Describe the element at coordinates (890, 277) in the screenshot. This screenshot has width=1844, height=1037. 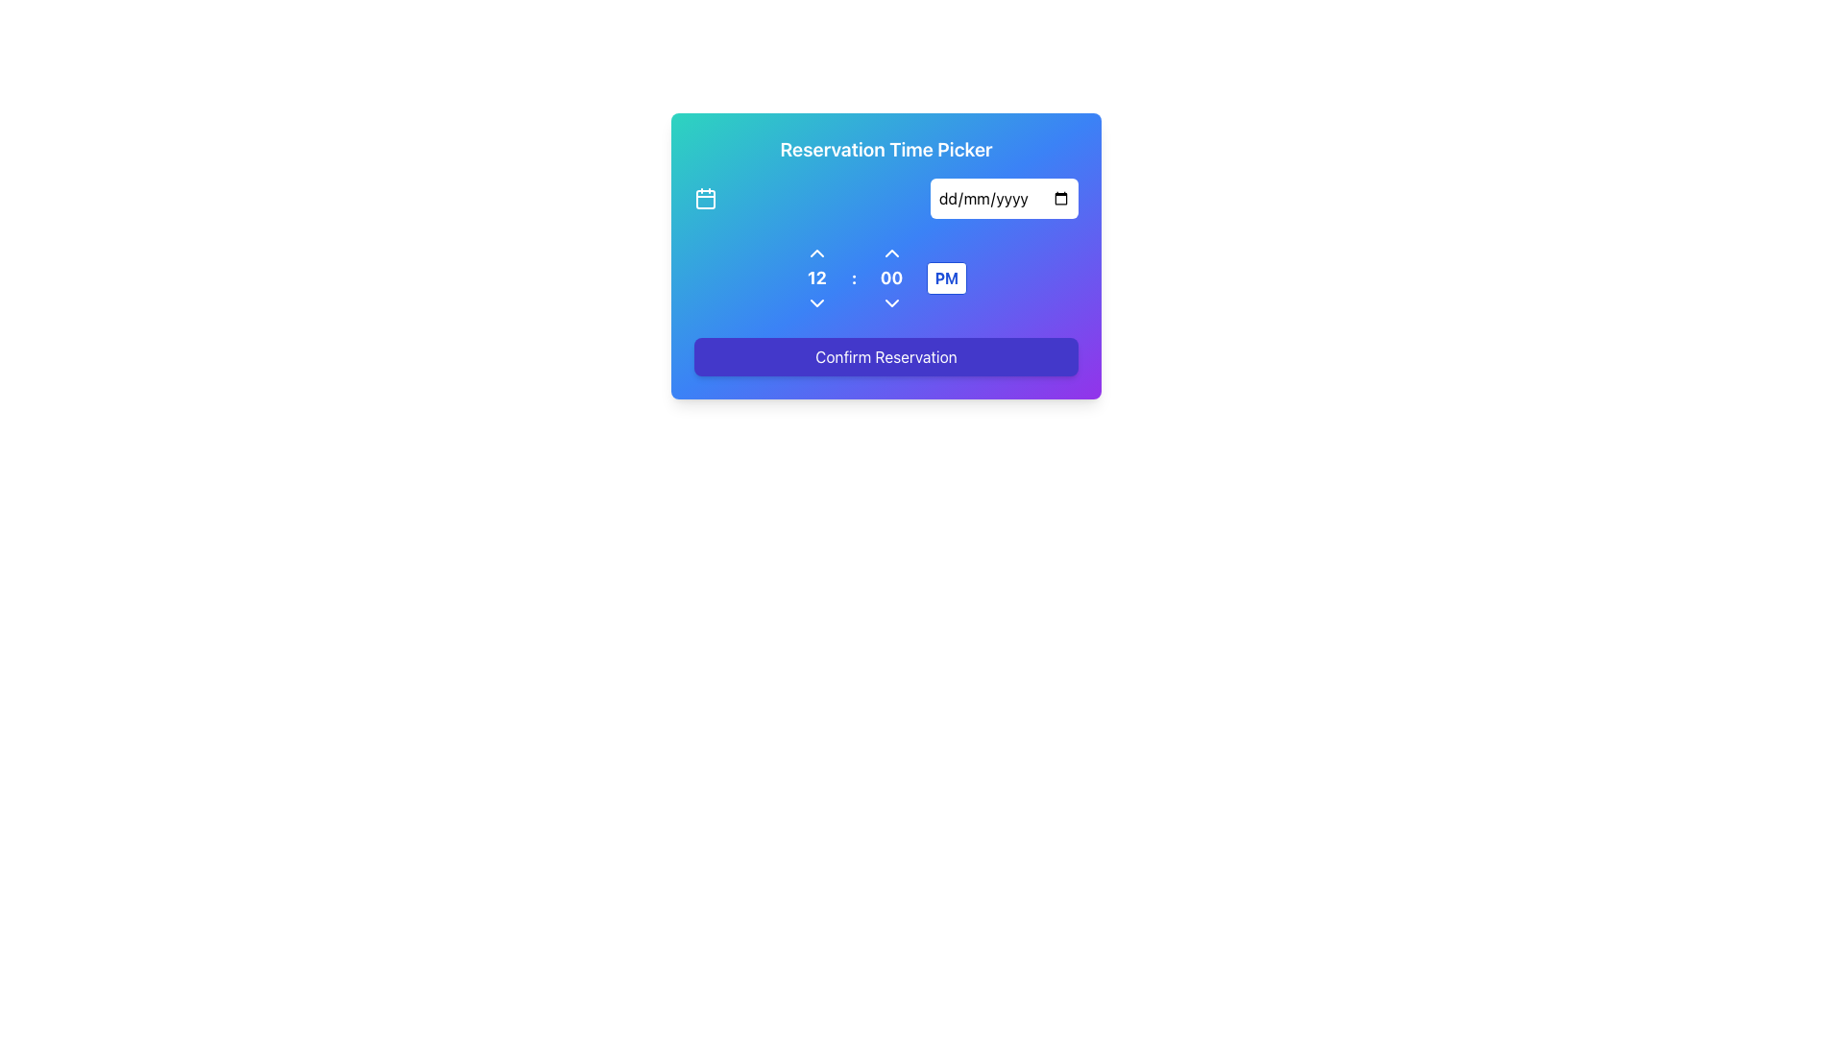
I see `displayed minute value from the text label in the time picker component, which is centrally located between the upward and downward arrow icons` at that location.